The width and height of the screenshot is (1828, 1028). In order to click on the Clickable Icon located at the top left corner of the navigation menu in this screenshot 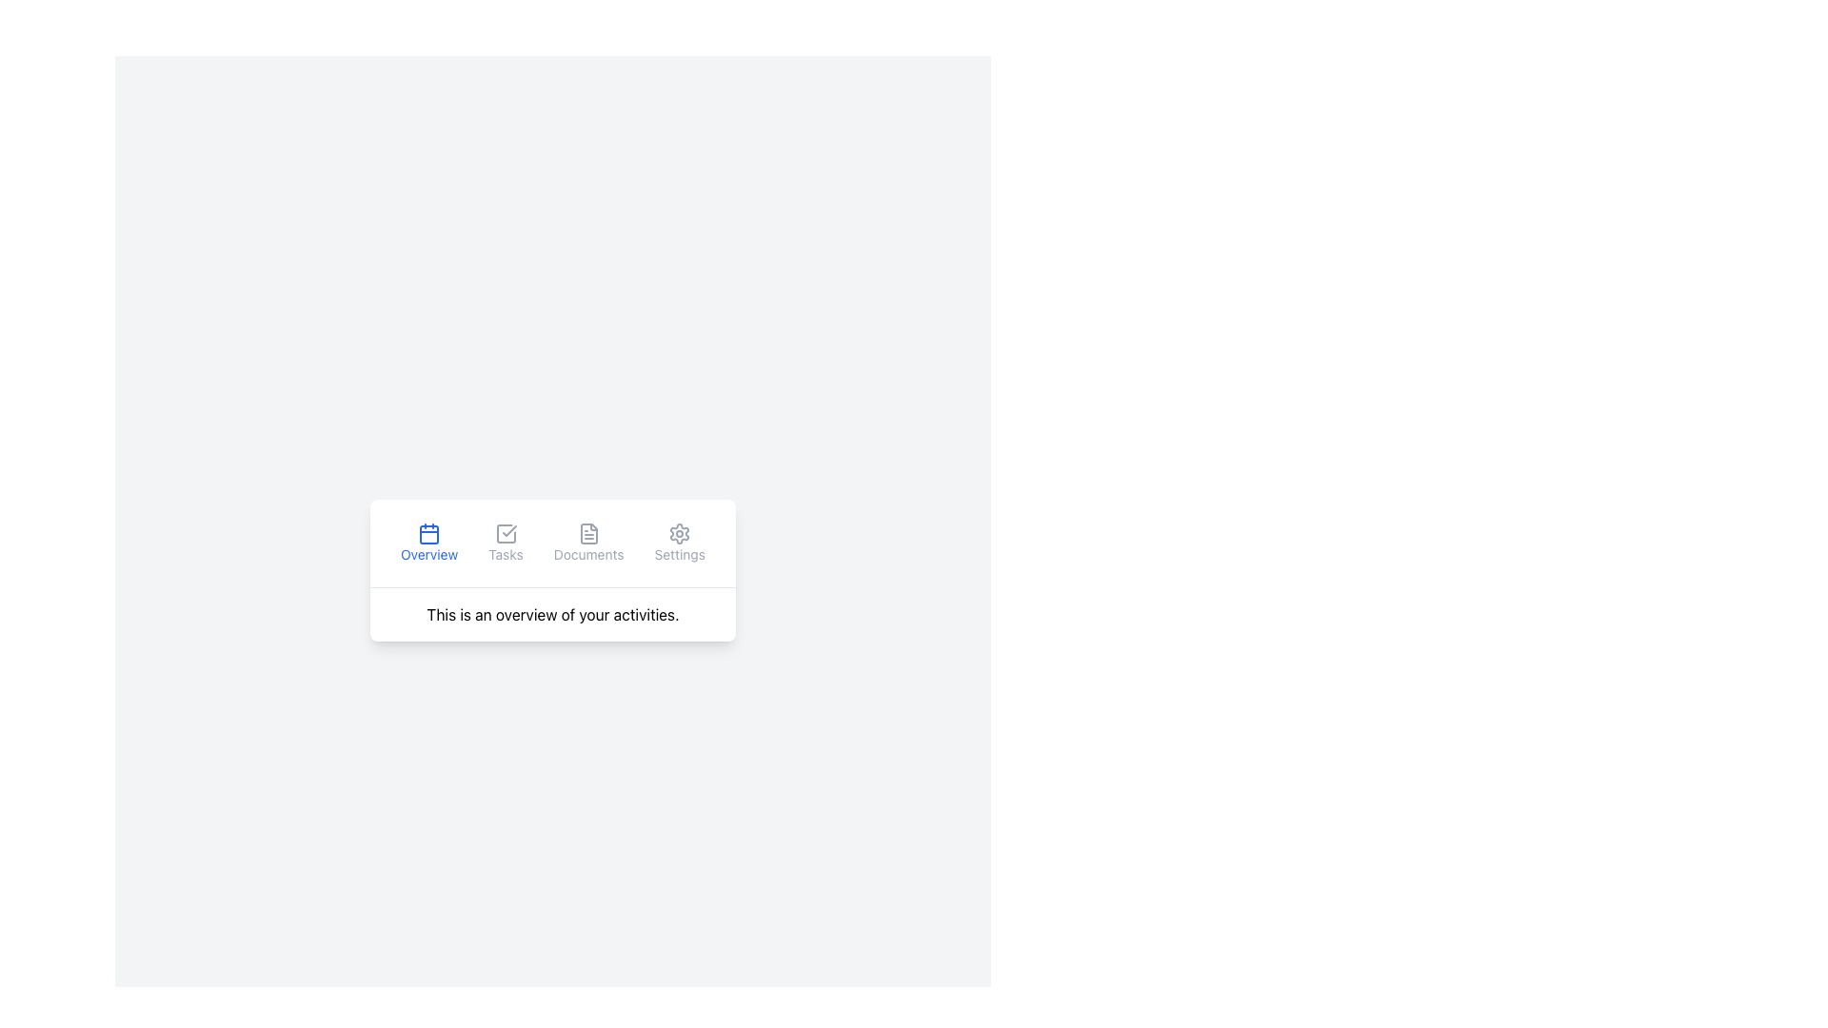, I will do `click(428, 533)`.